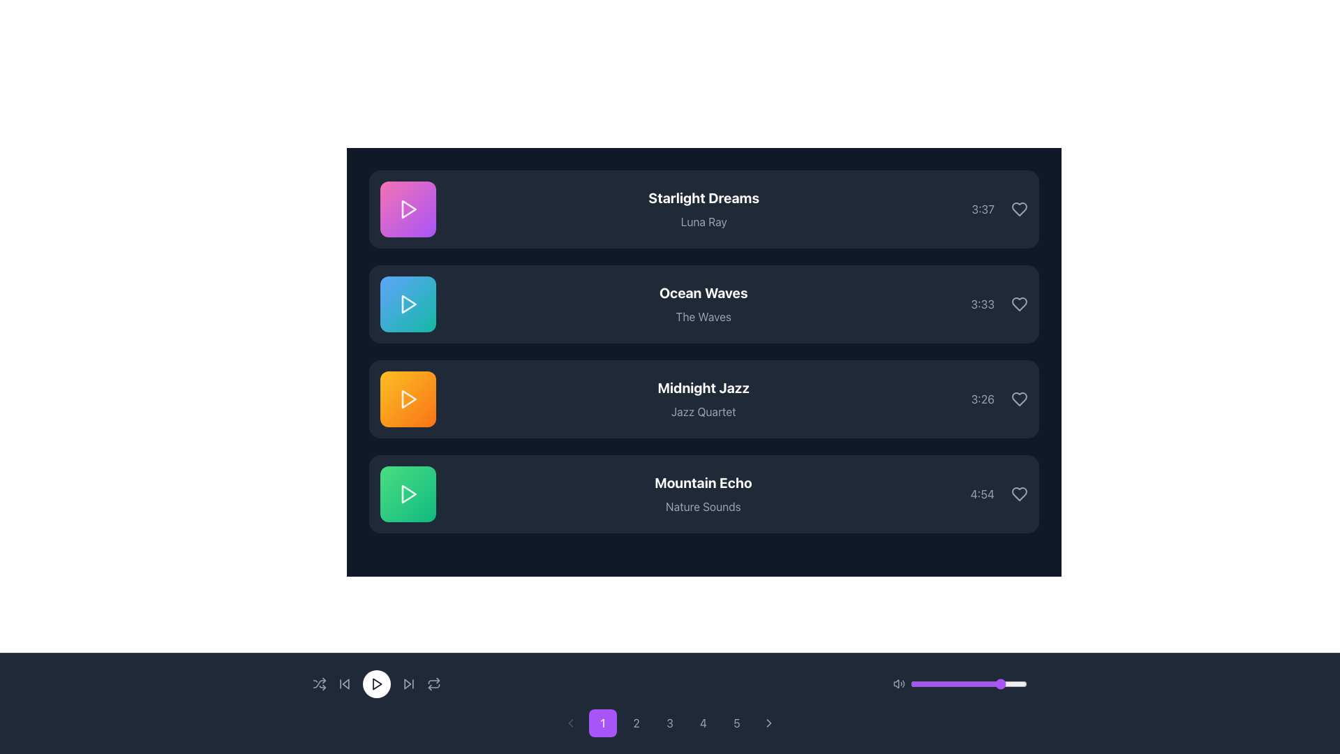  Describe the element at coordinates (703, 317) in the screenshot. I see `text component displaying 'The Waves', which is styled in gray and located below the title 'Ocean Waves'` at that location.